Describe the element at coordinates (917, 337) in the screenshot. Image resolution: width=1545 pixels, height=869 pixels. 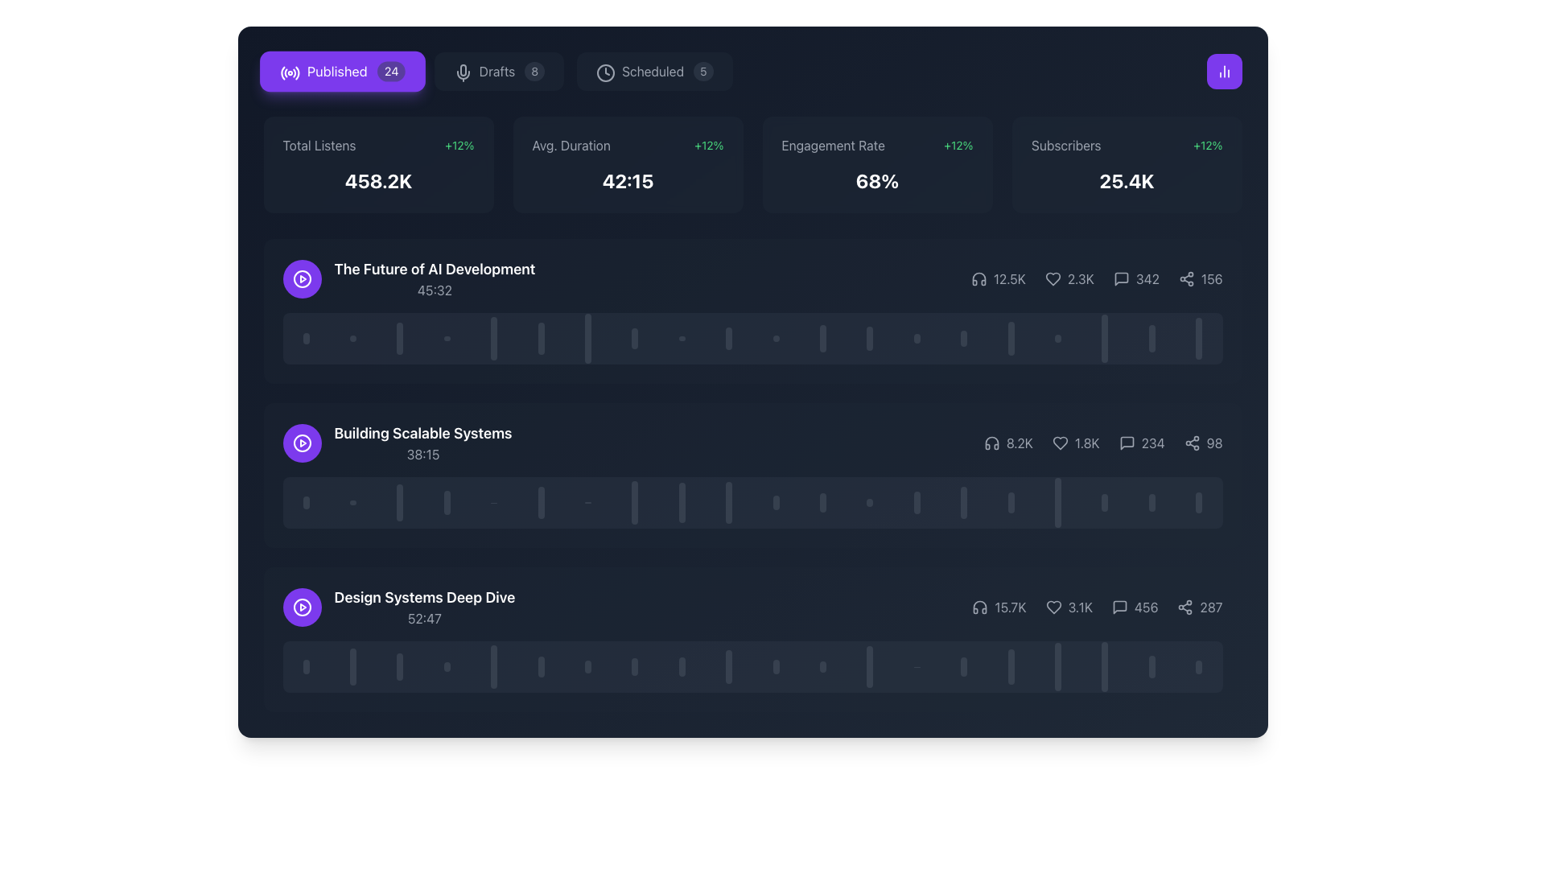
I see `the thirteenth vertical progress bar with rounded ends, styled gray, located in the center of a dark block` at that location.